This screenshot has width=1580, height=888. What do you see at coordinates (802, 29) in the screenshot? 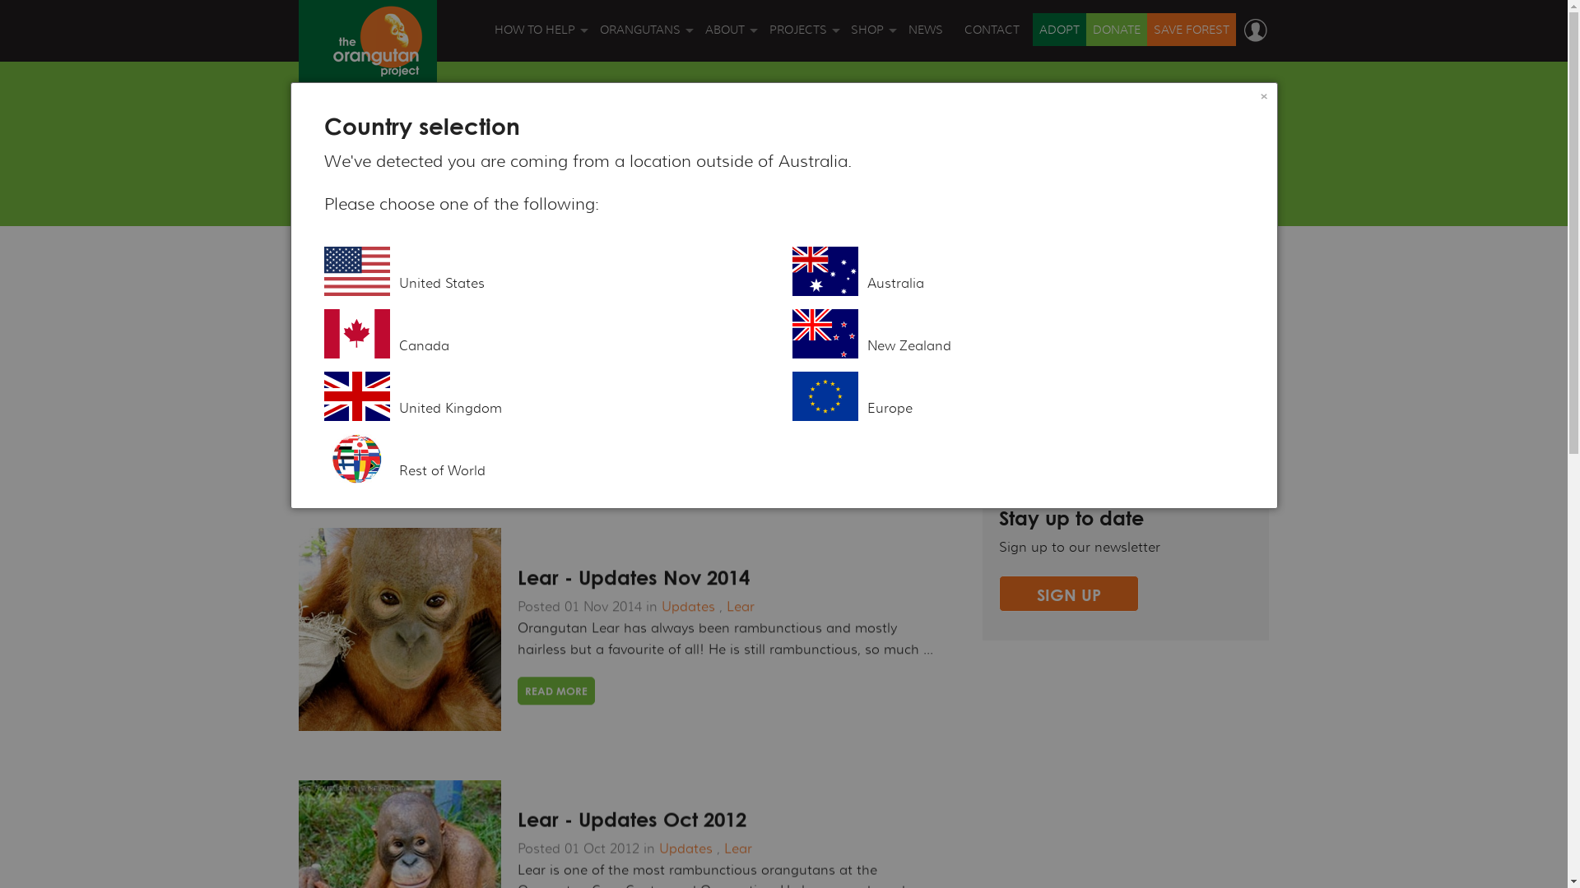
I see `'PROJECTS'` at bounding box center [802, 29].